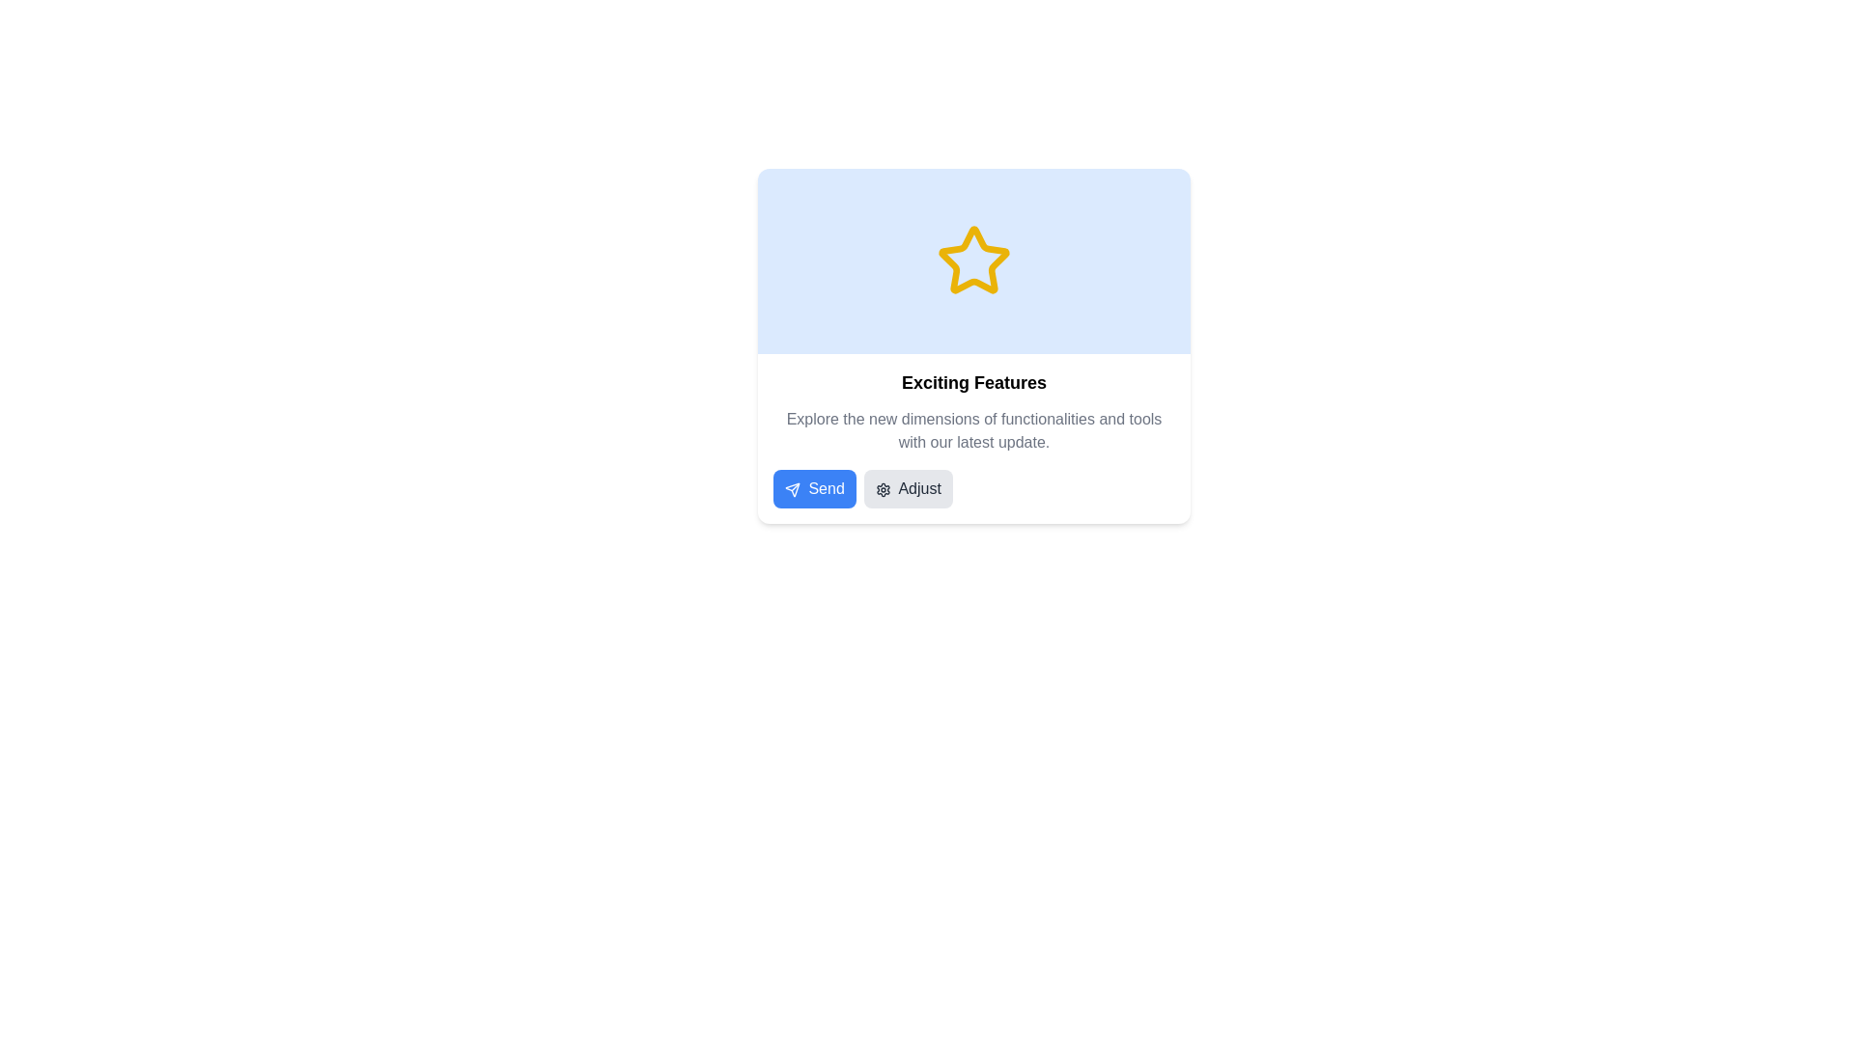  I want to click on the leftmost blue button labeled 'Send' with rounded corners, so click(814, 487).